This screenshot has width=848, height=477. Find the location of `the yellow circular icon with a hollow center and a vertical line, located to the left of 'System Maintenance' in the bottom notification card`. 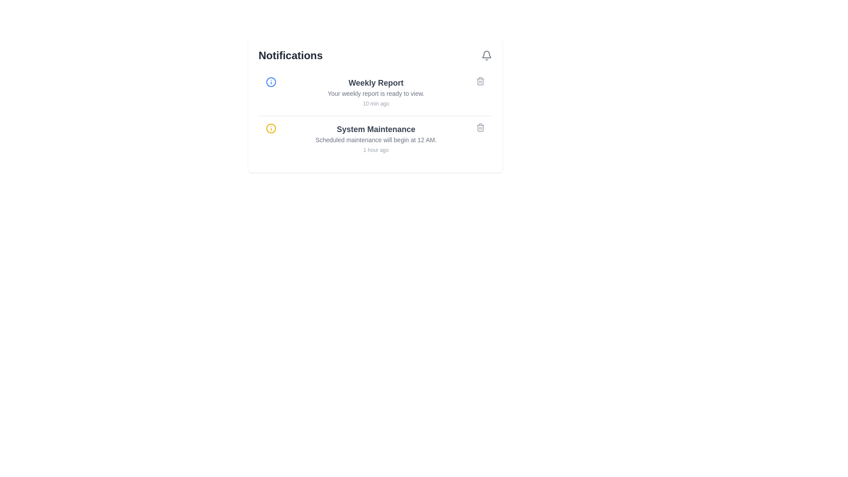

the yellow circular icon with a hollow center and a vertical line, located to the left of 'System Maintenance' in the bottom notification card is located at coordinates (270, 128).